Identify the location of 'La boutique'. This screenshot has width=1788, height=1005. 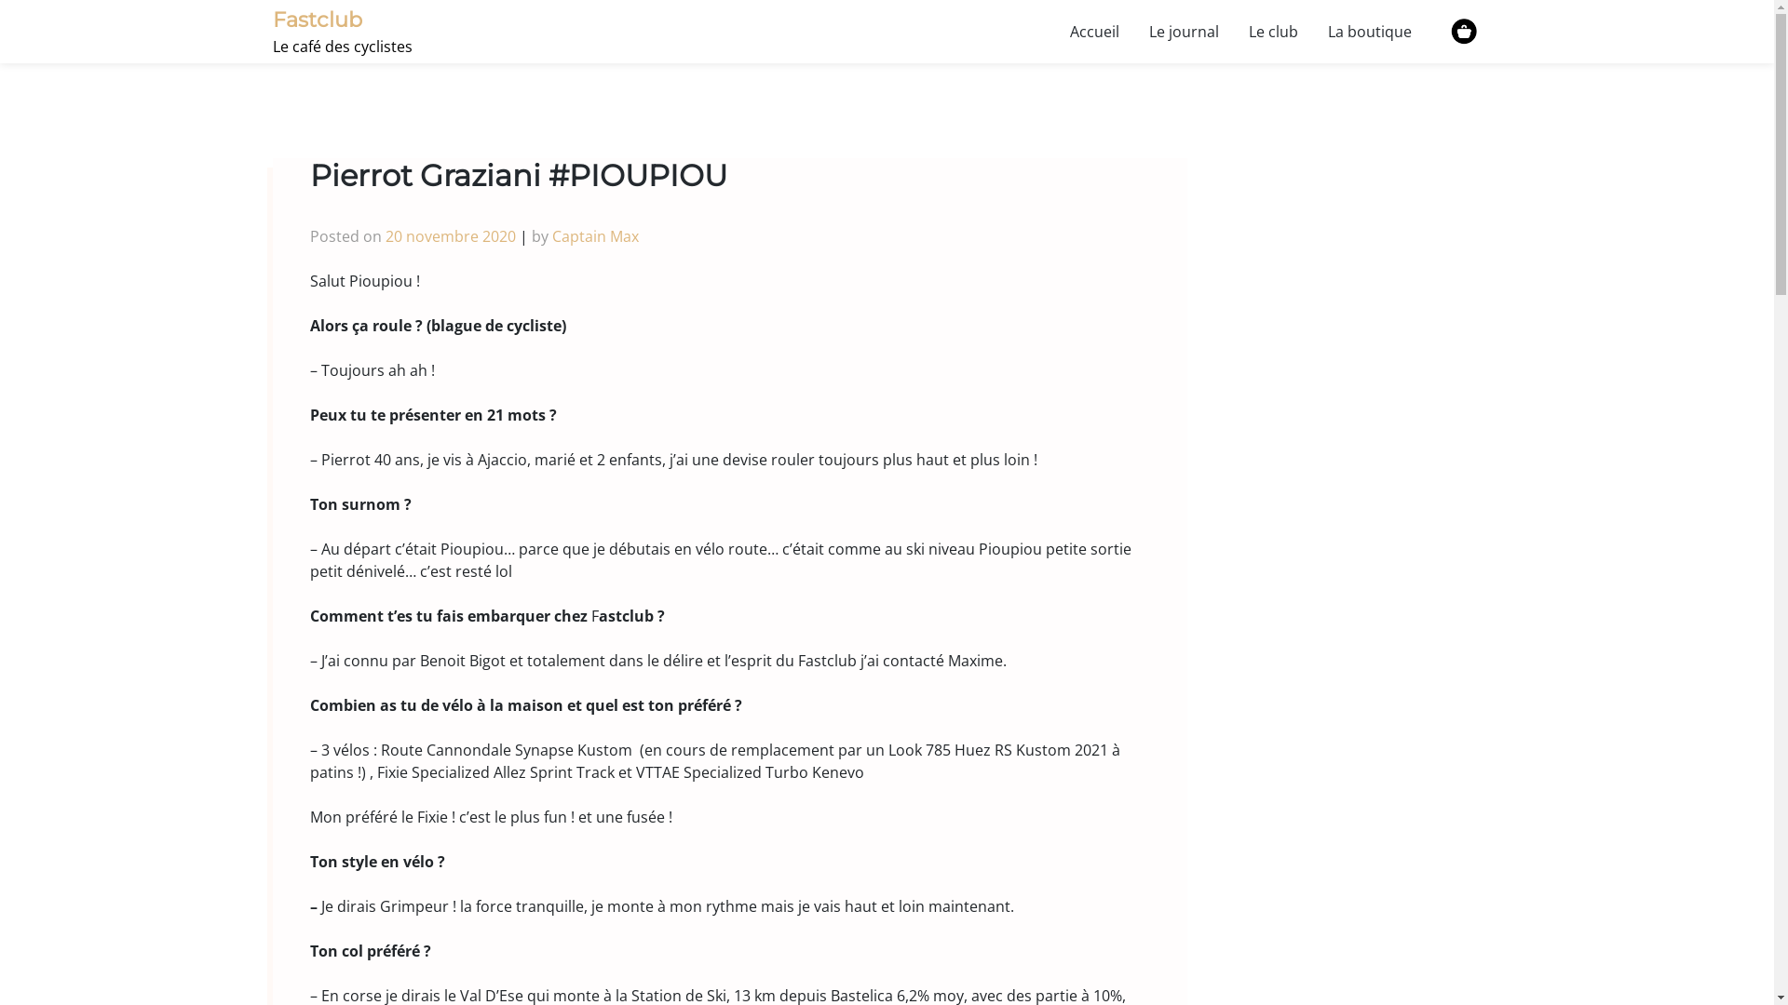
(1312, 31).